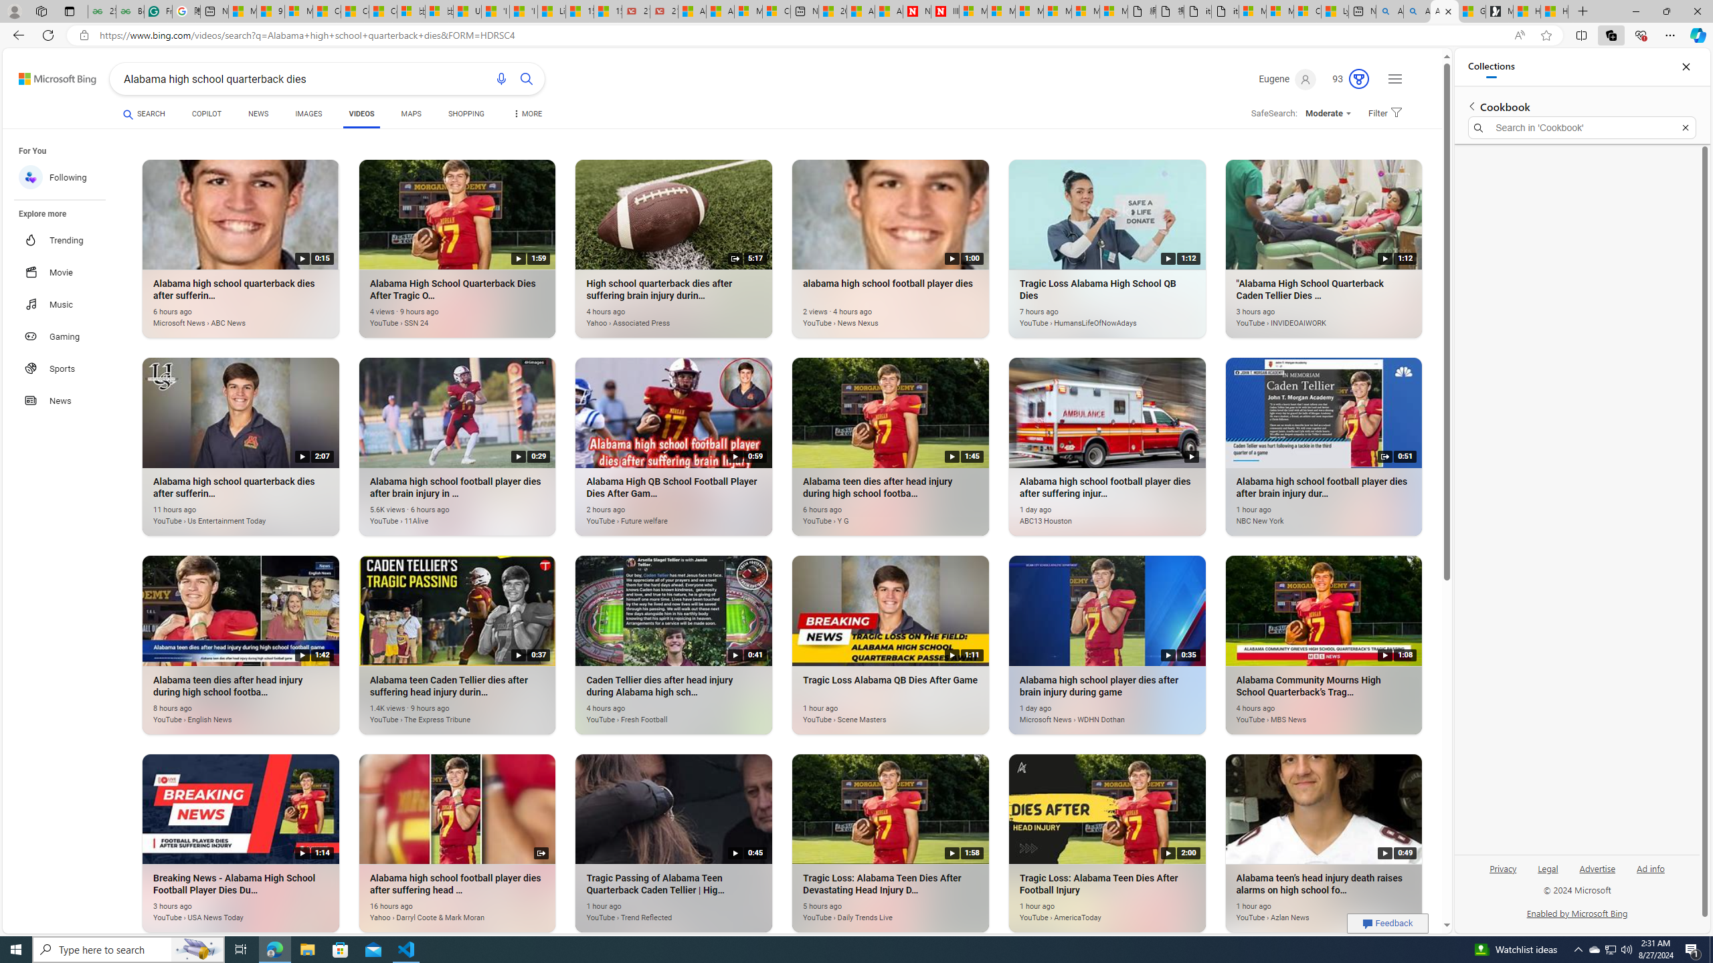 The height and width of the screenshot is (963, 1713). Describe the element at coordinates (1344, 79) in the screenshot. I see `'Microsoft Rewards 93'` at that location.